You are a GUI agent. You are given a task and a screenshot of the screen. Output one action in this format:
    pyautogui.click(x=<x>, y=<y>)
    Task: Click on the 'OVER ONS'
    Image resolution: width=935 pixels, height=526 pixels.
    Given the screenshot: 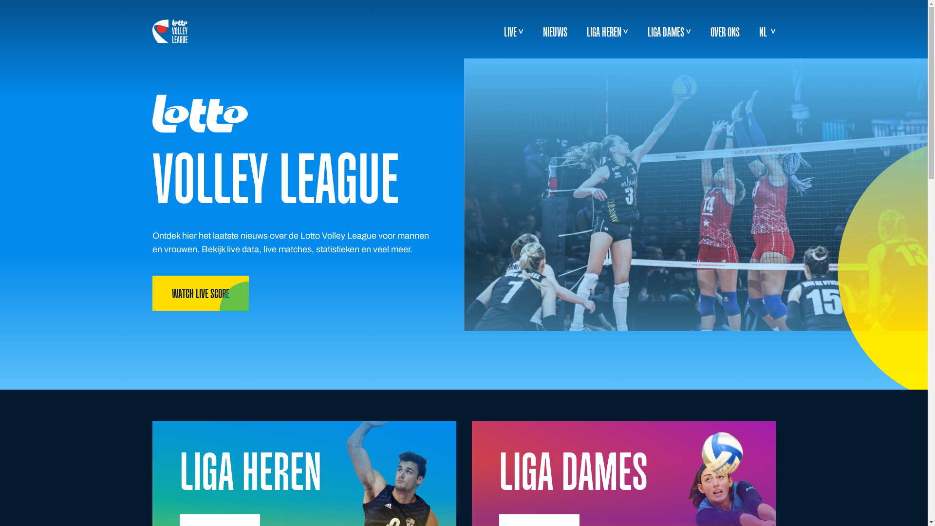 What is the action you would take?
    pyautogui.click(x=725, y=31)
    